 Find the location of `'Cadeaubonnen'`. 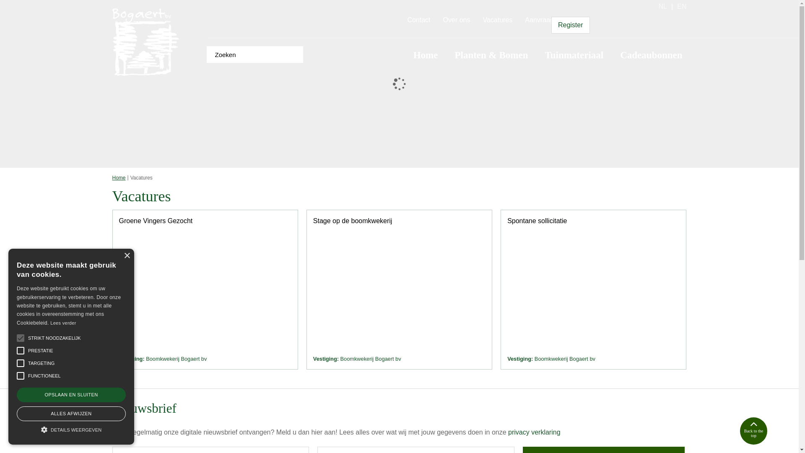

'Cadeaubonnen' is located at coordinates (651, 55).